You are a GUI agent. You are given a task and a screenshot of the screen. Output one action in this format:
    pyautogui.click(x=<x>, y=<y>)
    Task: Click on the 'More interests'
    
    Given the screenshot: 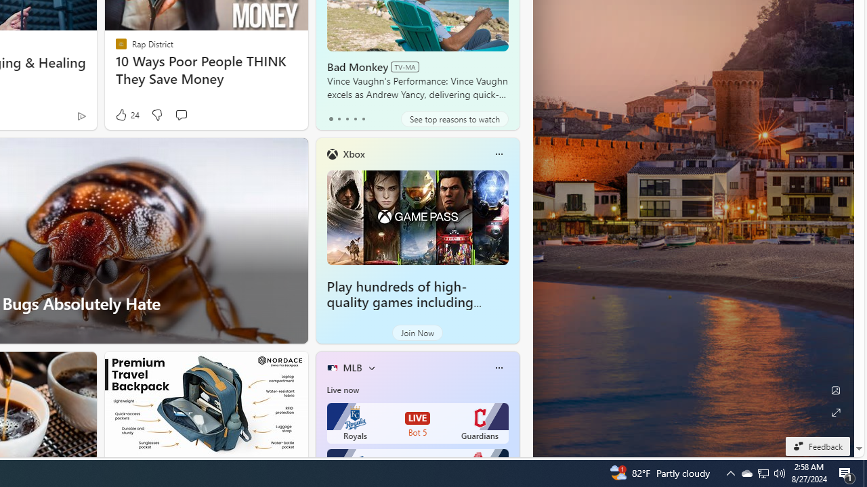 What is the action you would take?
    pyautogui.click(x=371, y=367)
    